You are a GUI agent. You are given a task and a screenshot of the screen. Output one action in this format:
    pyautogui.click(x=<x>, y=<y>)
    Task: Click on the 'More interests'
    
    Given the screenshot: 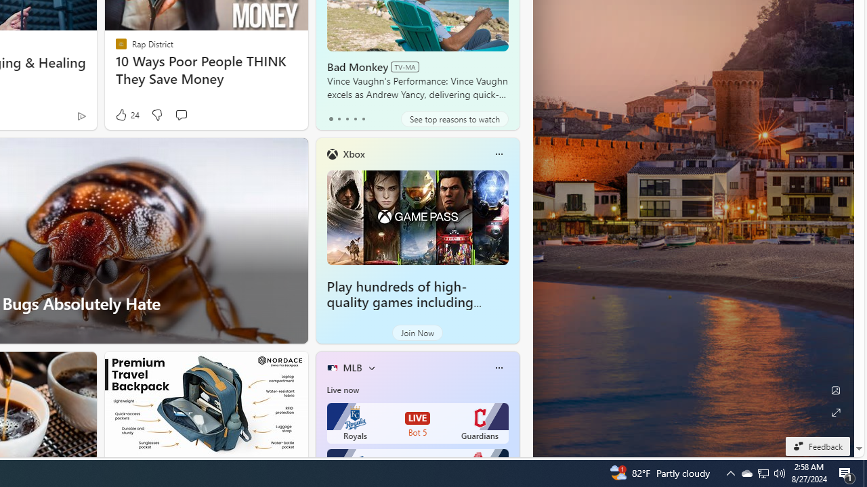 What is the action you would take?
    pyautogui.click(x=371, y=367)
    